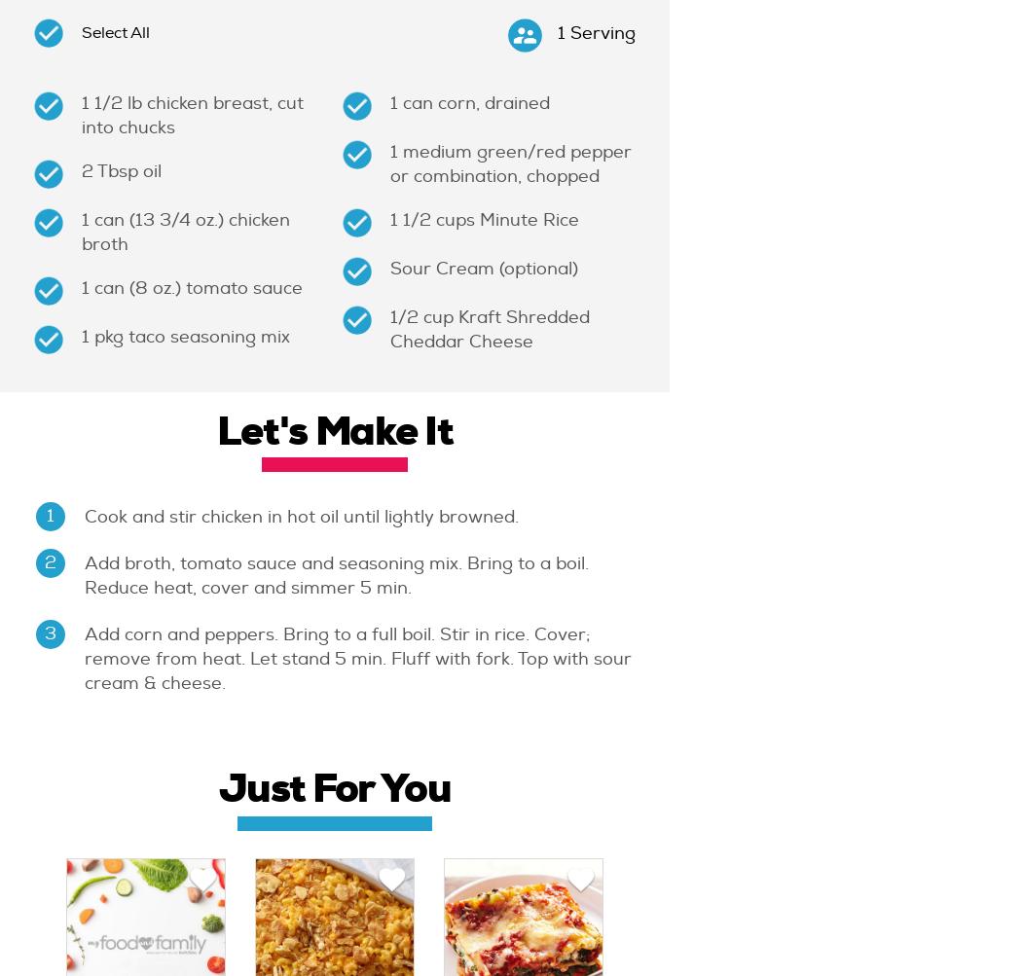 This screenshot has height=976, width=1022. I want to click on 'cups', so click(457, 220).